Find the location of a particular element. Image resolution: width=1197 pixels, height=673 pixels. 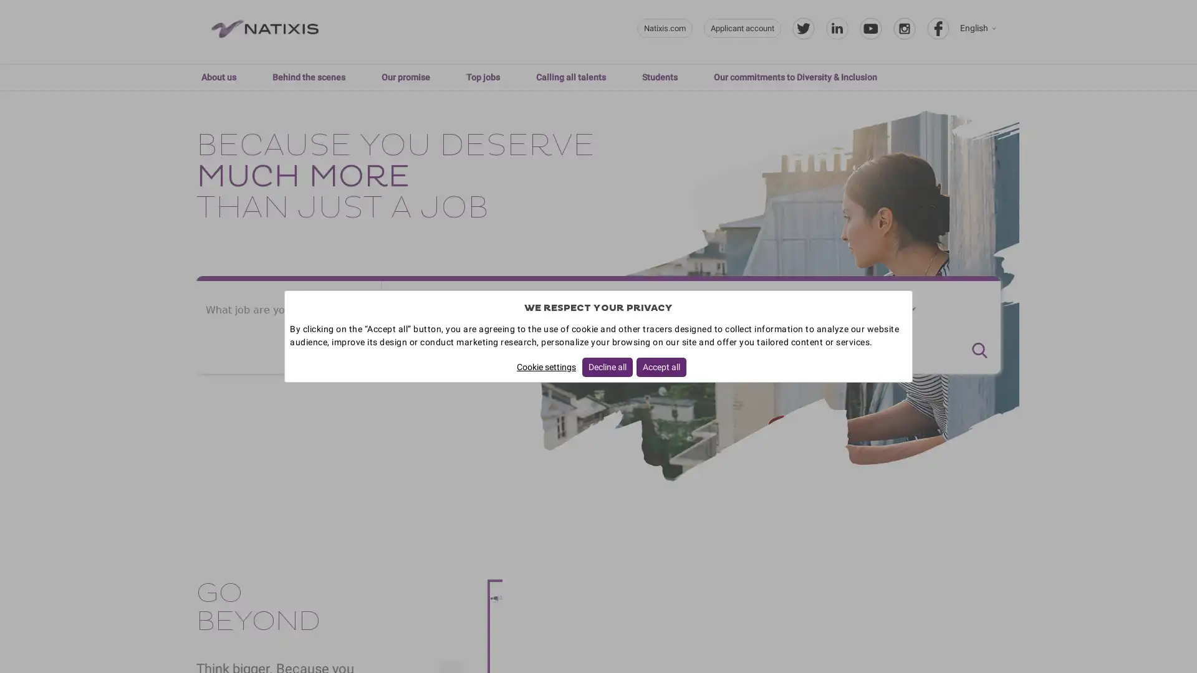

search is located at coordinates (978, 351).